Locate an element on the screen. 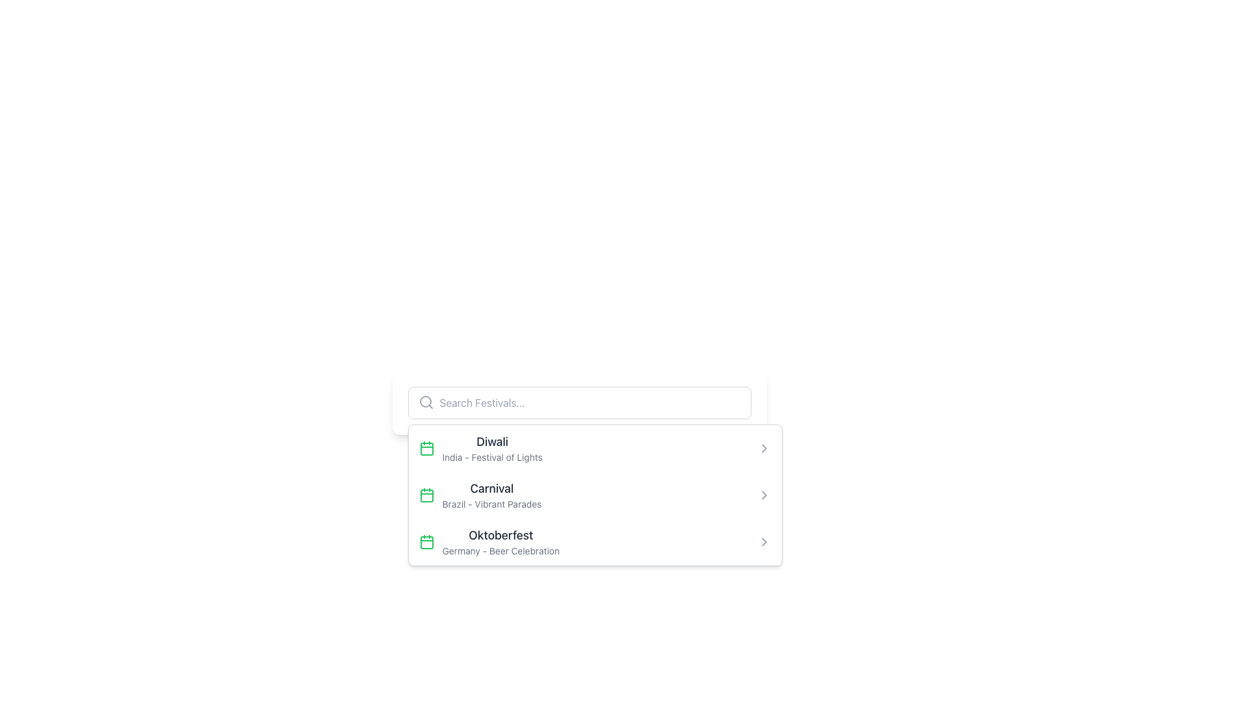 The image size is (1248, 702). the text 'Brazil - Vibrant Parades' which is styled in a smaller, light gray font and located directly below the bolded title 'Carnival' in the dropdown menu is located at coordinates (491, 503).